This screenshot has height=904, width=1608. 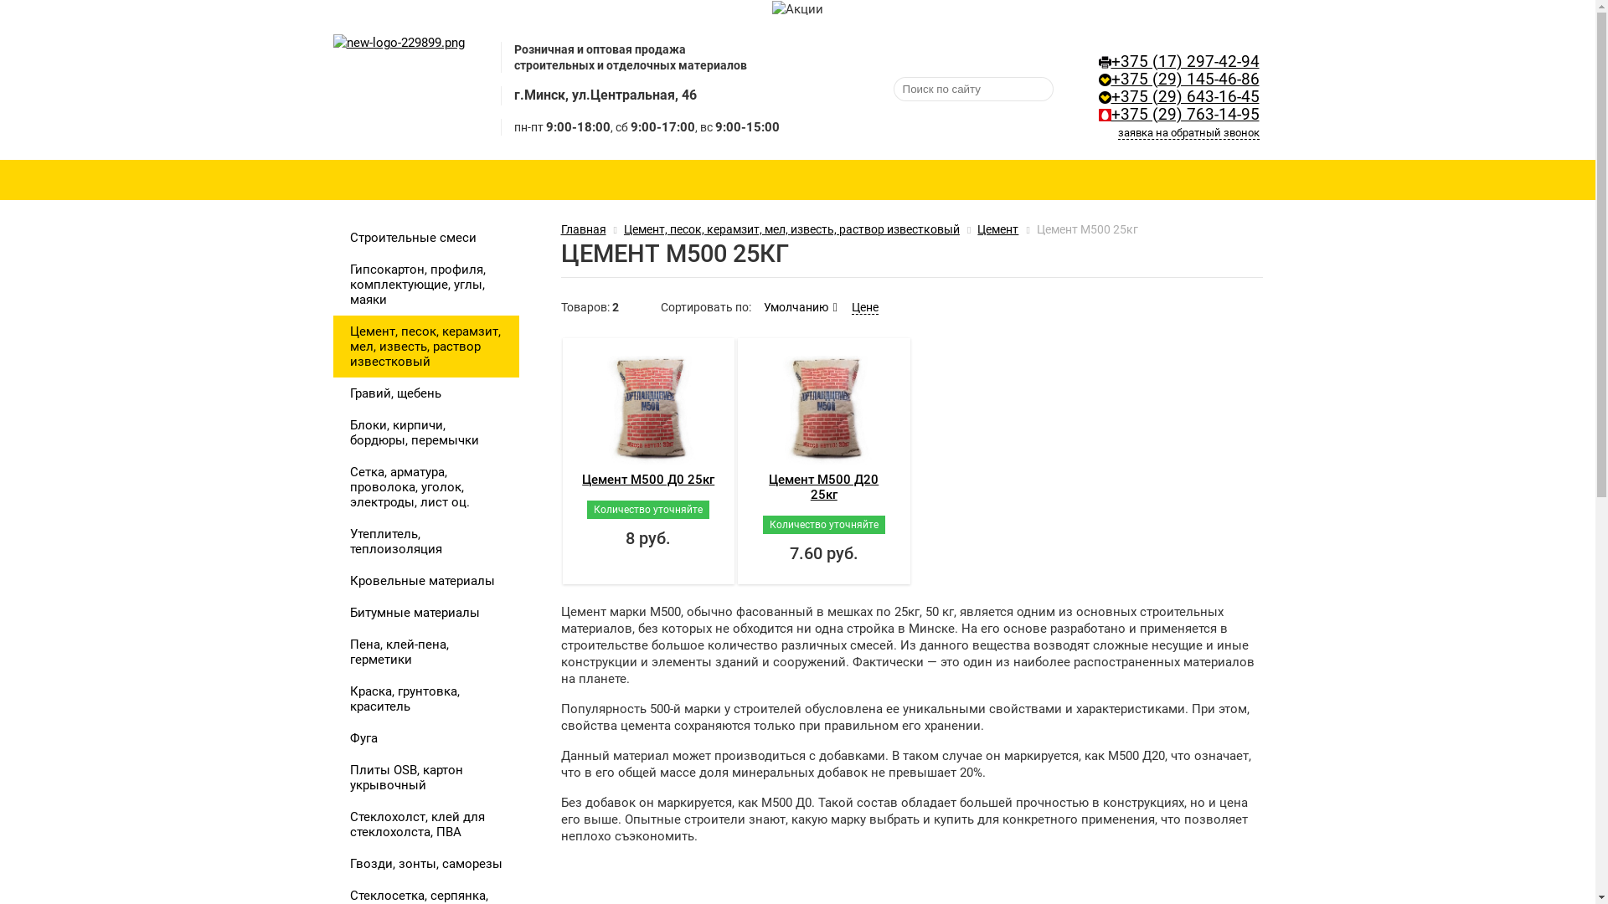 I want to click on 'tel', so click(x=1105, y=61).